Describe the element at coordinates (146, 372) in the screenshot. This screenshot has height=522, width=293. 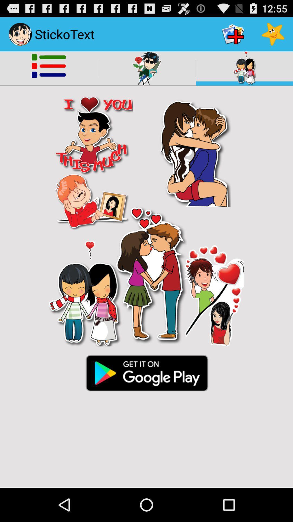
I see `the item at the bottom` at that location.